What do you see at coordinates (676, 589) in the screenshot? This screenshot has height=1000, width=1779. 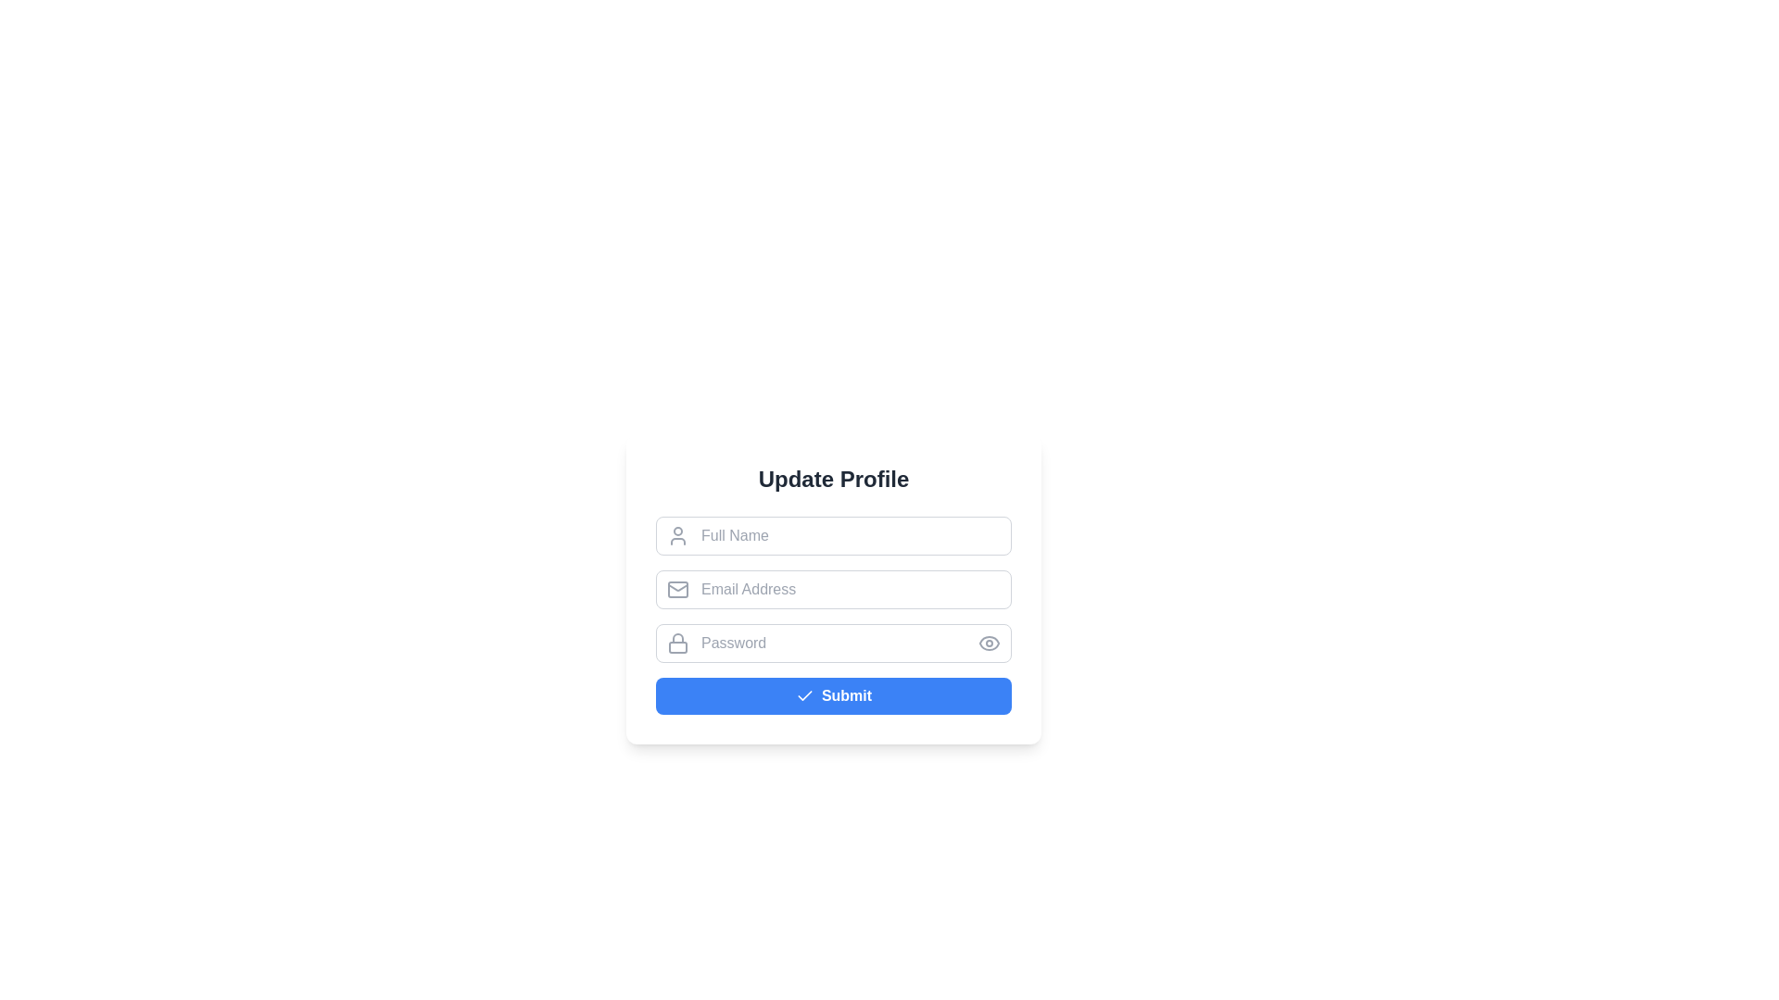 I see `the topmost SVG Rectangle component of the email envelope icon associated with the 'Email Address' input field` at bounding box center [676, 589].